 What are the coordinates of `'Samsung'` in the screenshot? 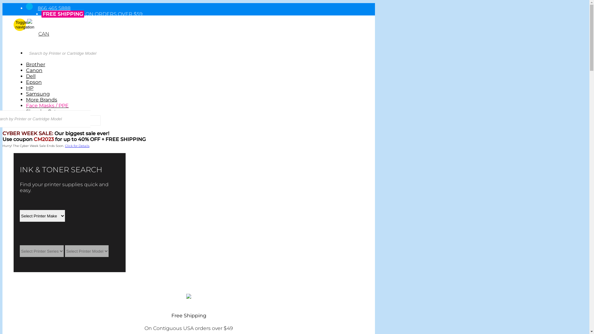 It's located at (37, 94).